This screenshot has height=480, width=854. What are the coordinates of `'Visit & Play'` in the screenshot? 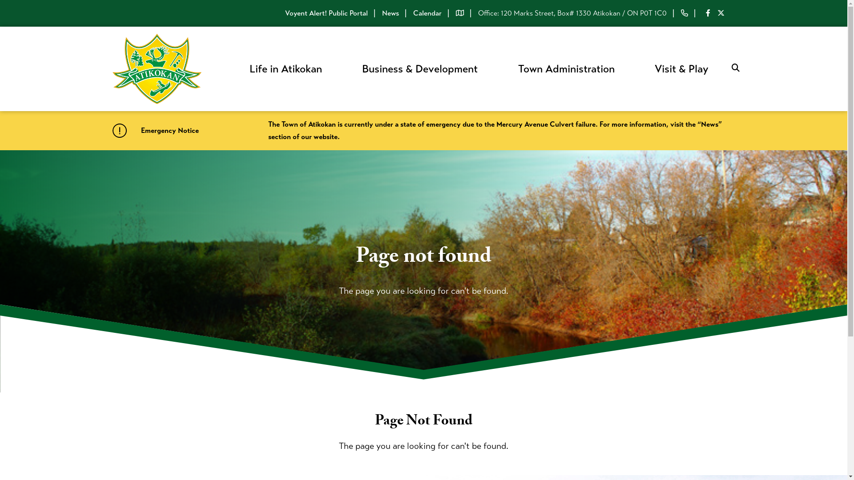 It's located at (681, 68).